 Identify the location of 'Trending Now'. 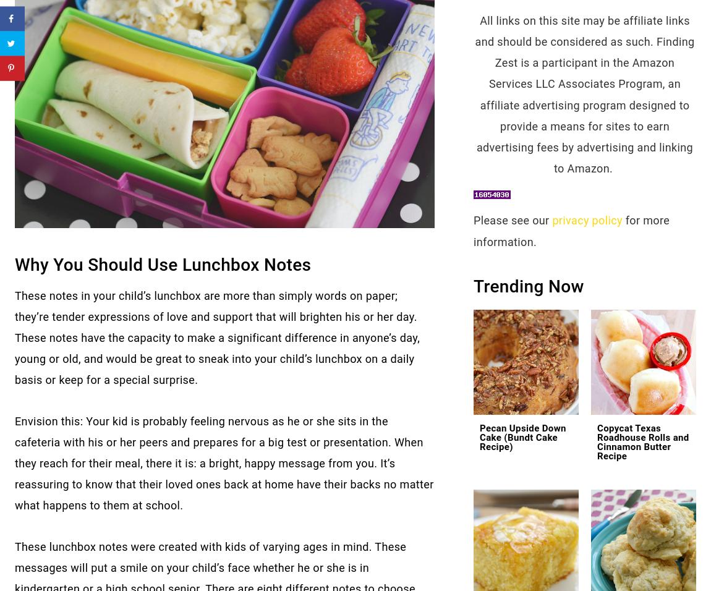
(528, 286).